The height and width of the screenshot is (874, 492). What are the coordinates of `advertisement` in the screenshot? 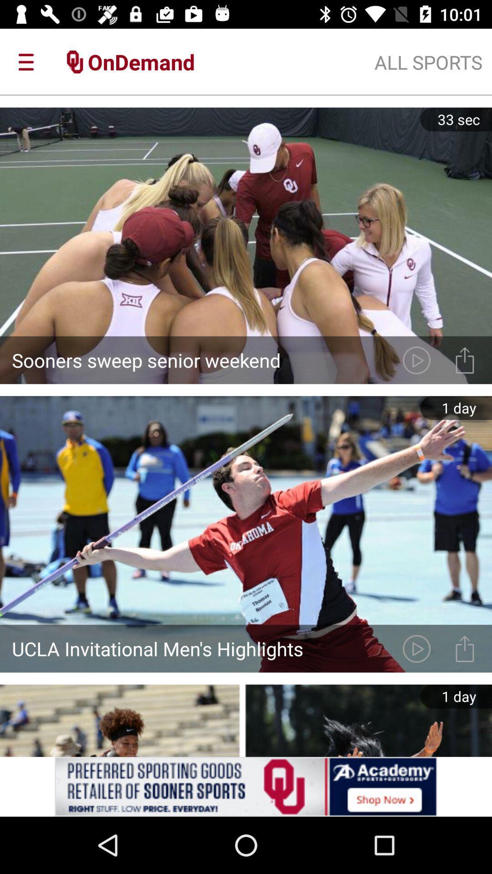 It's located at (246, 786).